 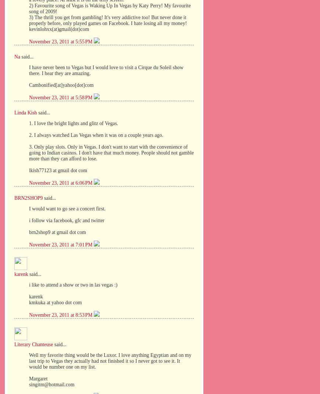 What do you see at coordinates (73, 123) in the screenshot?
I see `'1.  I love the bright lights and glitz of Vegas.'` at bounding box center [73, 123].